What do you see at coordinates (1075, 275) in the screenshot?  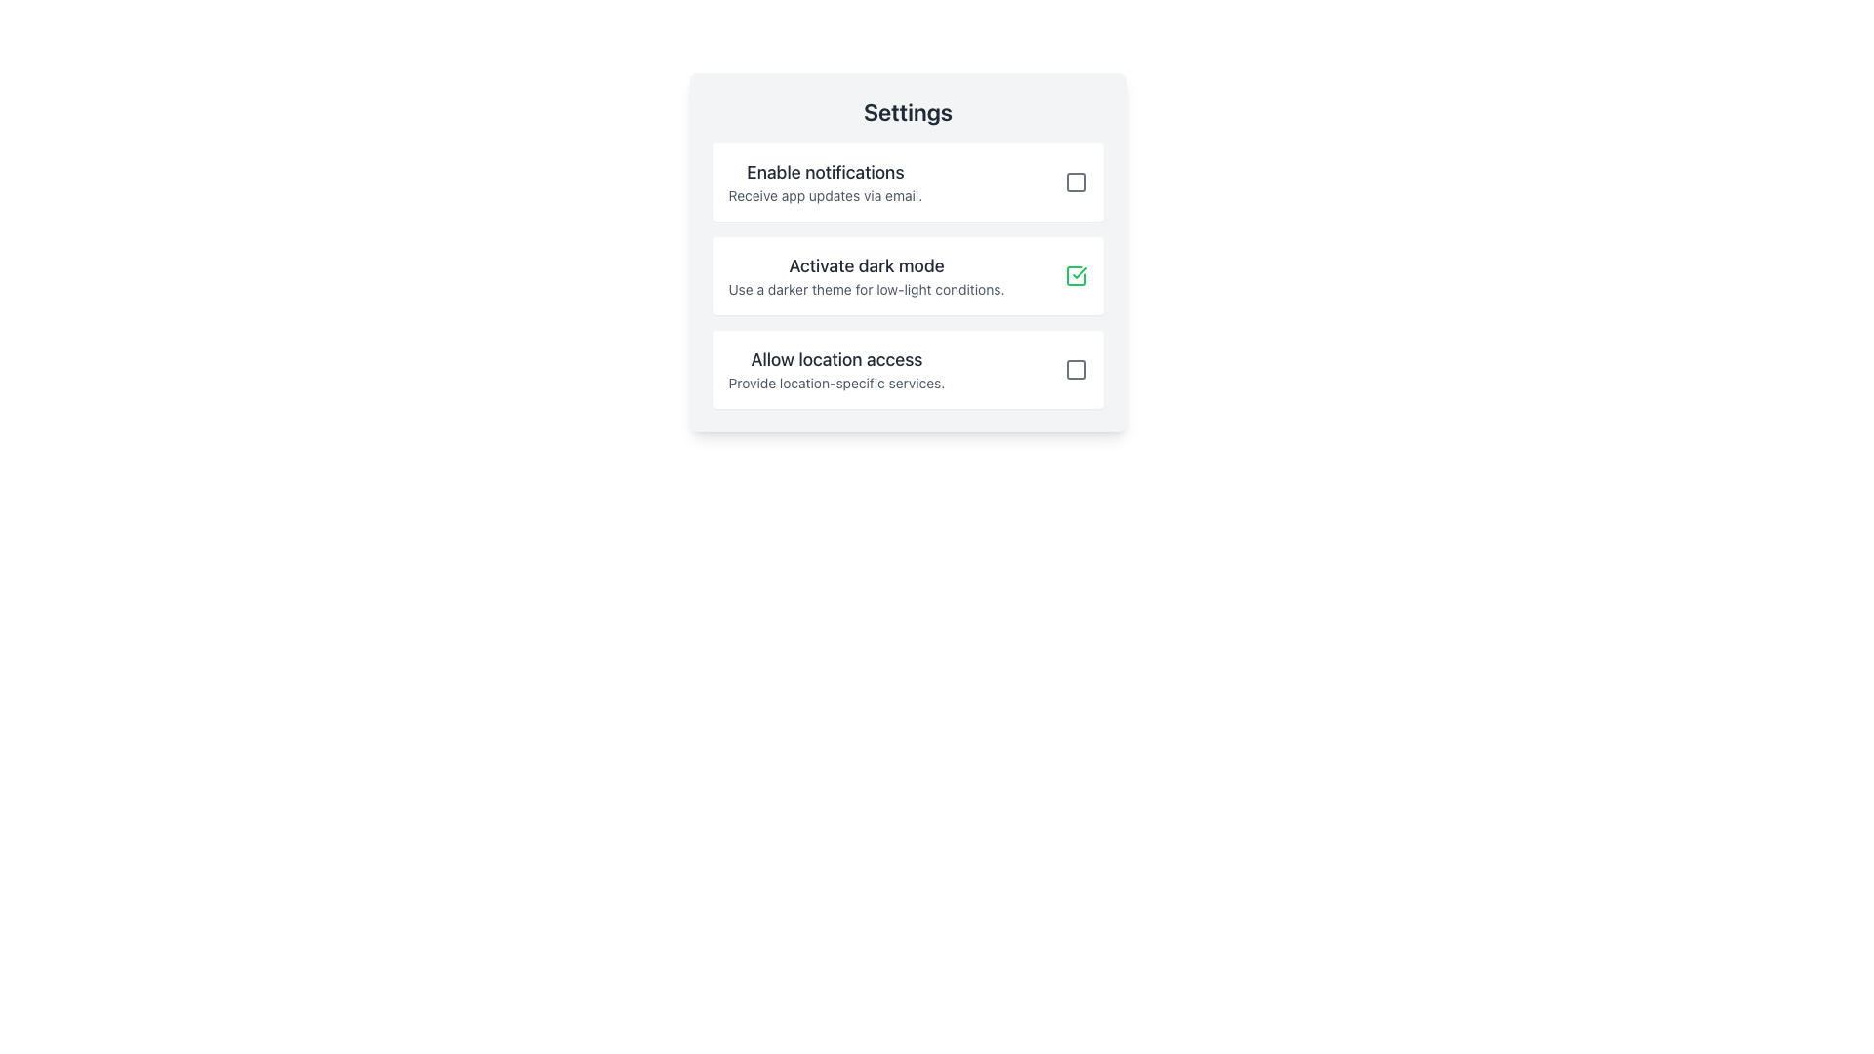 I see `the checkbox icon within the green-bordered square` at bounding box center [1075, 275].